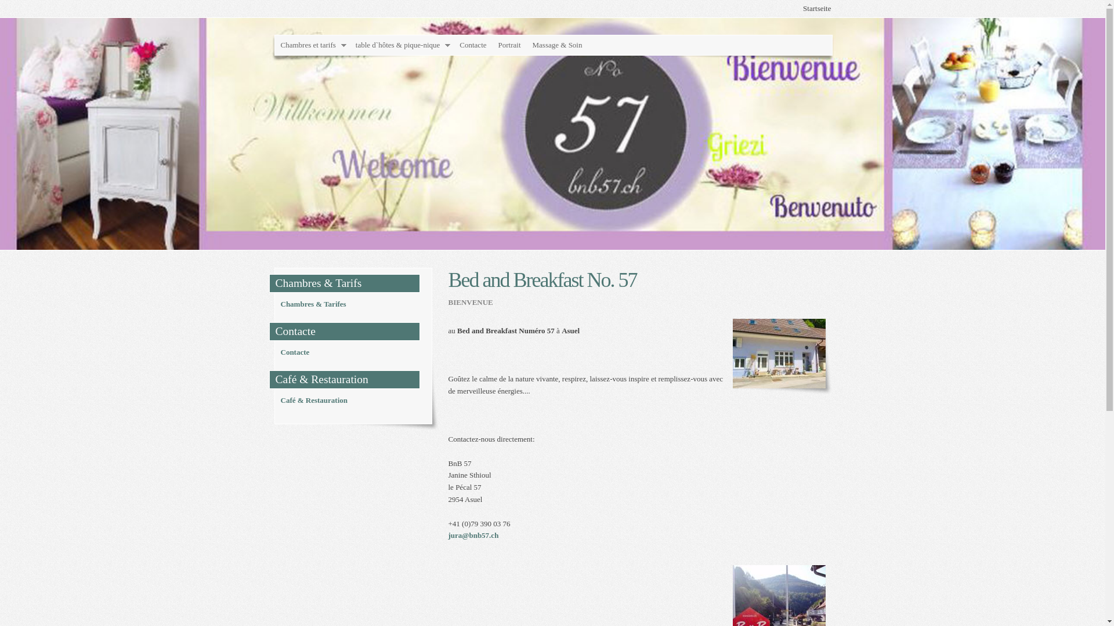 Image resolution: width=1114 pixels, height=626 pixels. Describe the element at coordinates (473, 535) in the screenshot. I see `'jura@bnb57.ch'` at that location.